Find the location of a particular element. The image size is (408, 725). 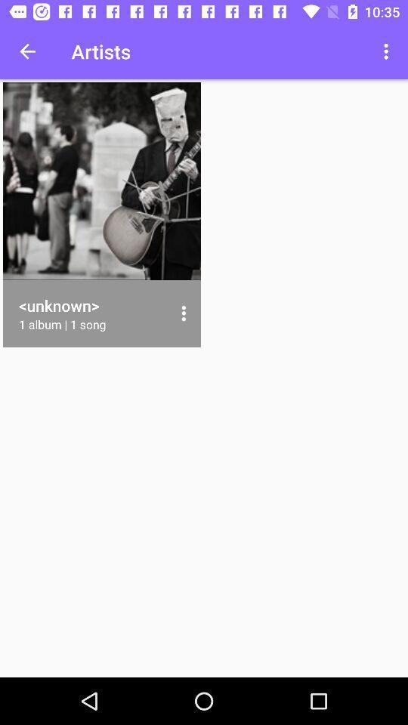

item next to 1 album 1 icon is located at coordinates (184, 313).